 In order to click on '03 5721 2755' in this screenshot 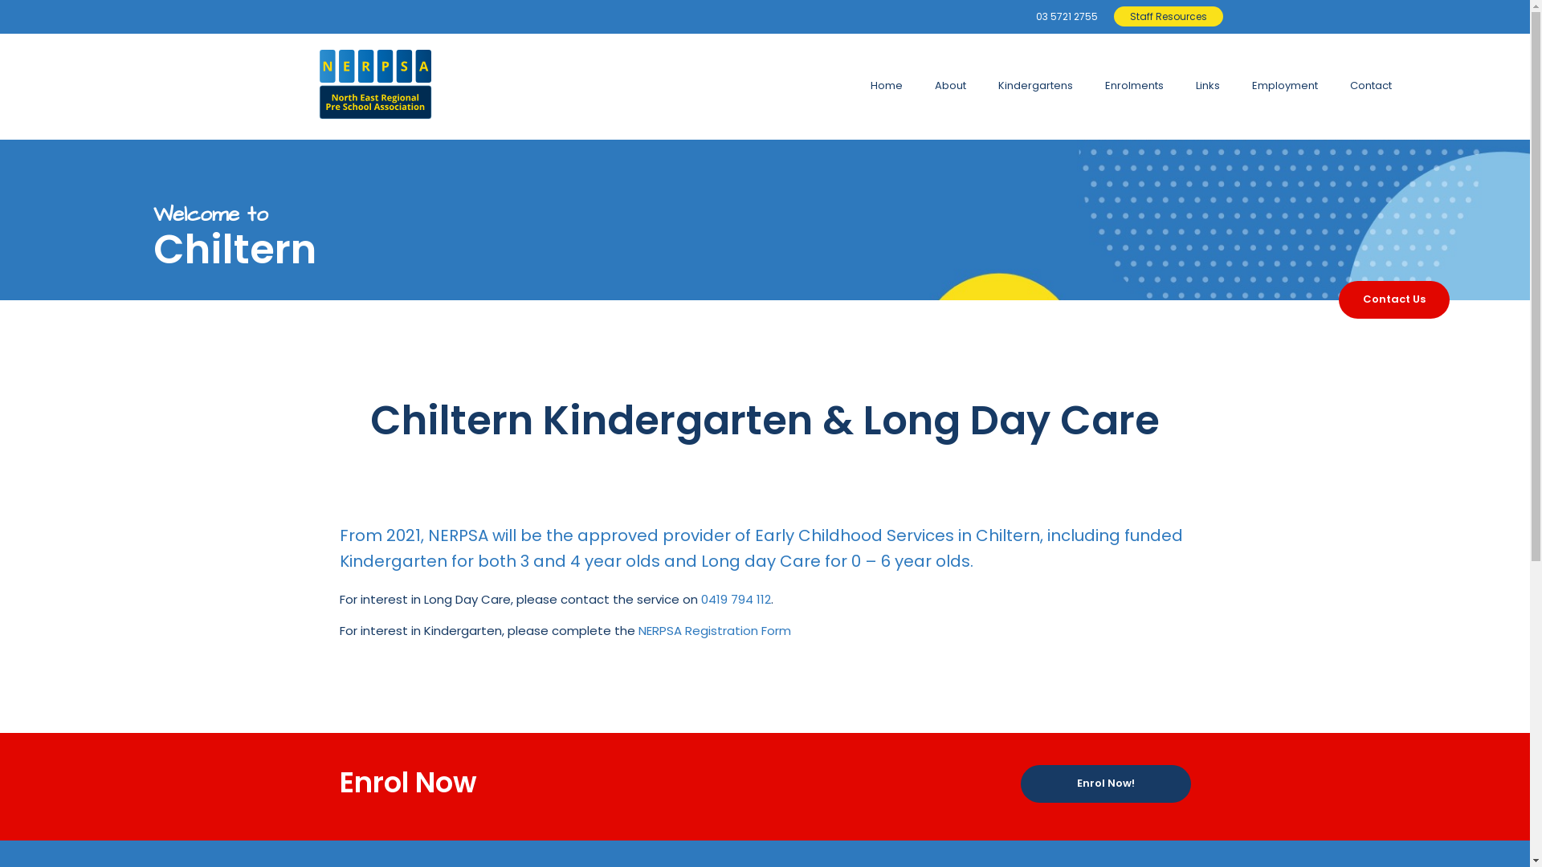, I will do `click(1067, 16)`.